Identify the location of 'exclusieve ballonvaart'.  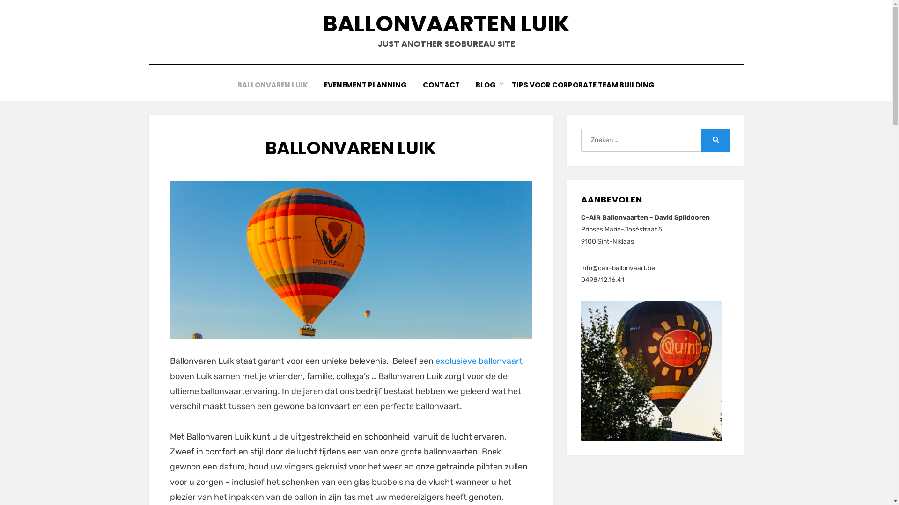
(479, 360).